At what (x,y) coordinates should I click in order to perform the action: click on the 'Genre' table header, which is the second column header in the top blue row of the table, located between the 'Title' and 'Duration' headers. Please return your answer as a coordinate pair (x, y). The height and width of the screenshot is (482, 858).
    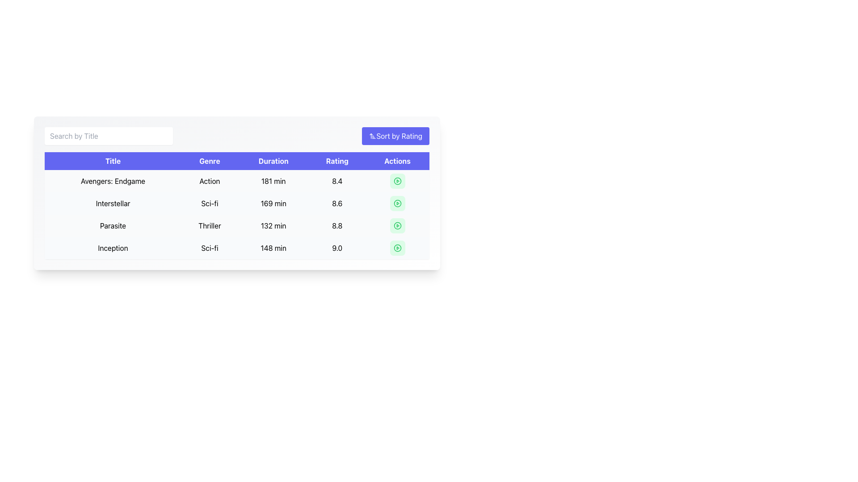
    Looking at the image, I should click on (209, 161).